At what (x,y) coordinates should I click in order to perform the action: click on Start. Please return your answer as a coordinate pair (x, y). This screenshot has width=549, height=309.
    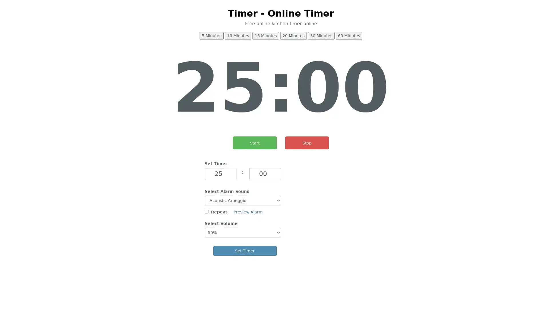
    Looking at the image, I should click on (254, 142).